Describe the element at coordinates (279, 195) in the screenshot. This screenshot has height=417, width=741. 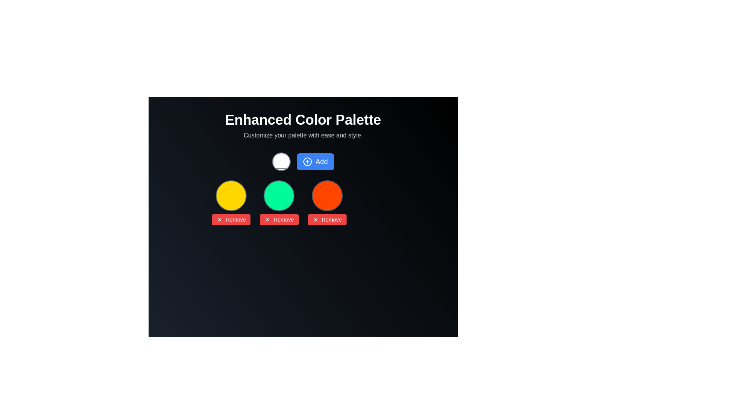
I see `the circular green button in the color palette interface` at that location.